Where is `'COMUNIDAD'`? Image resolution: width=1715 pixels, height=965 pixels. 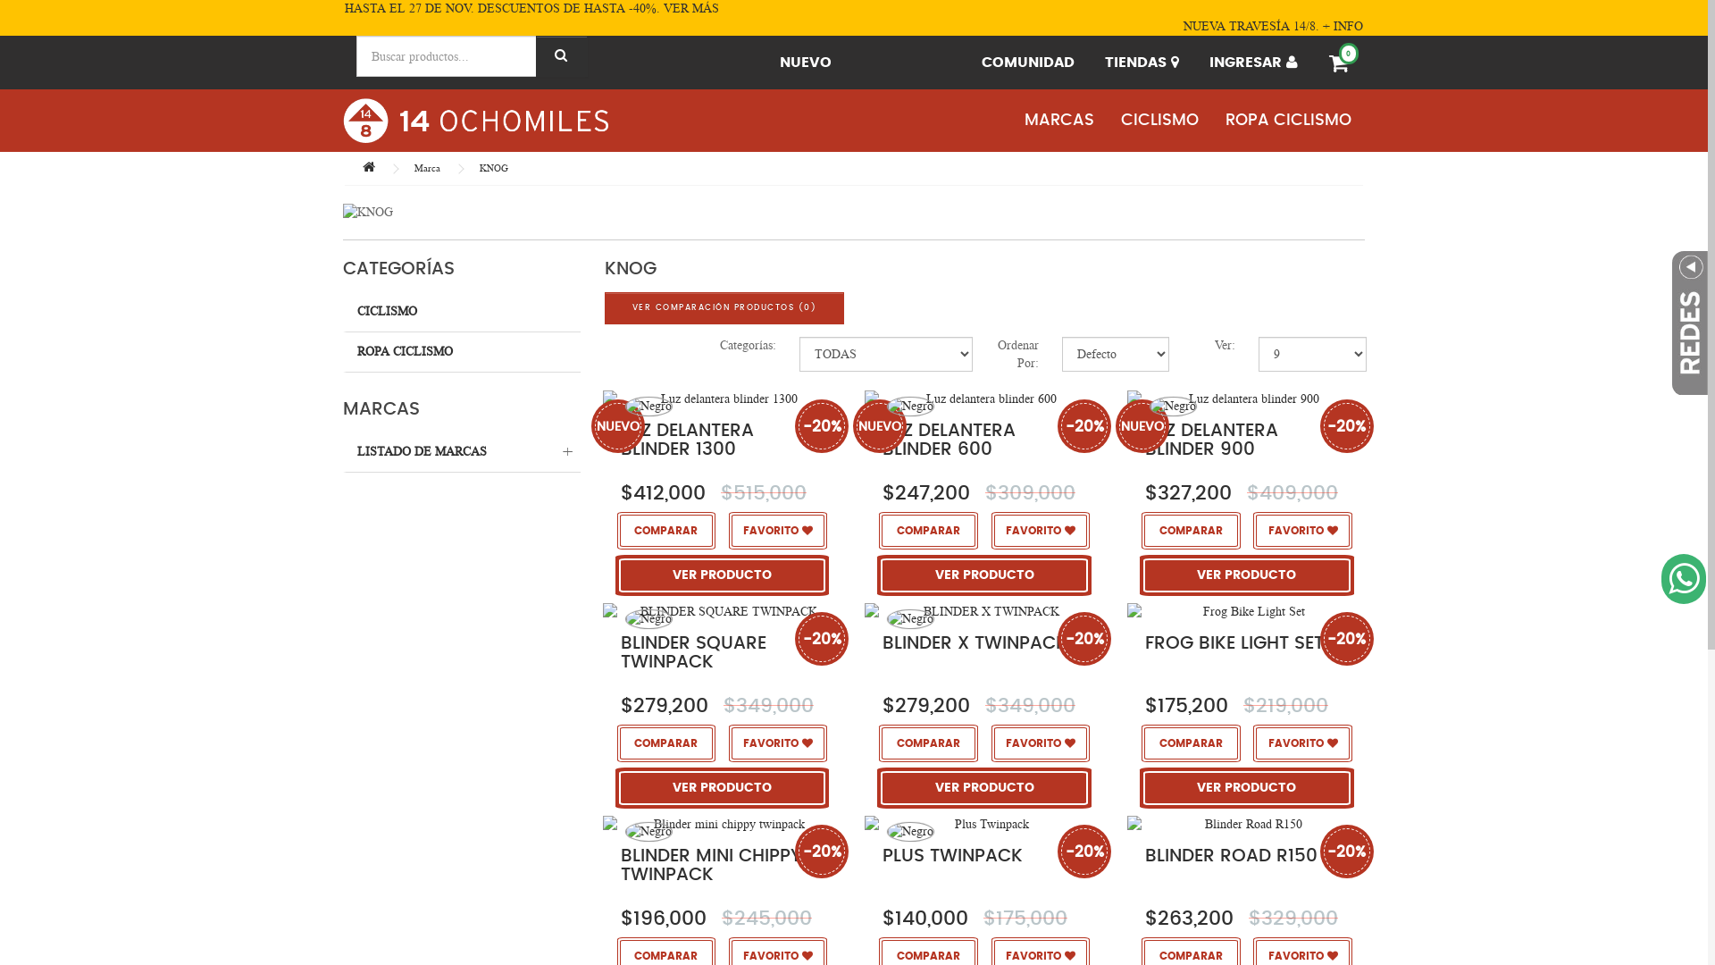
'COMUNIDAD' is located at coordinates (967, 61).